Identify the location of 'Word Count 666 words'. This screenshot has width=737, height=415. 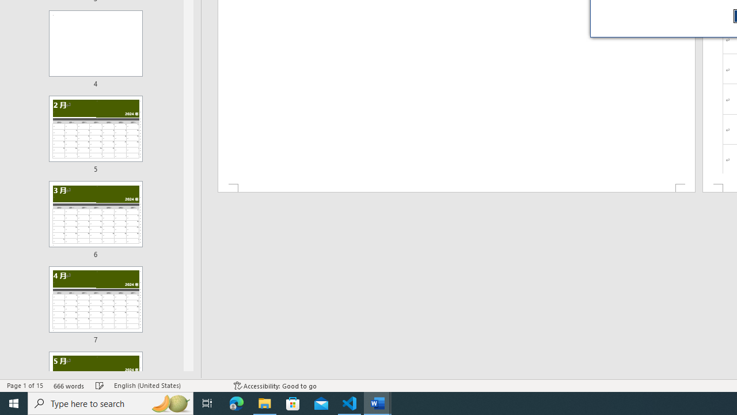
(69, 386).